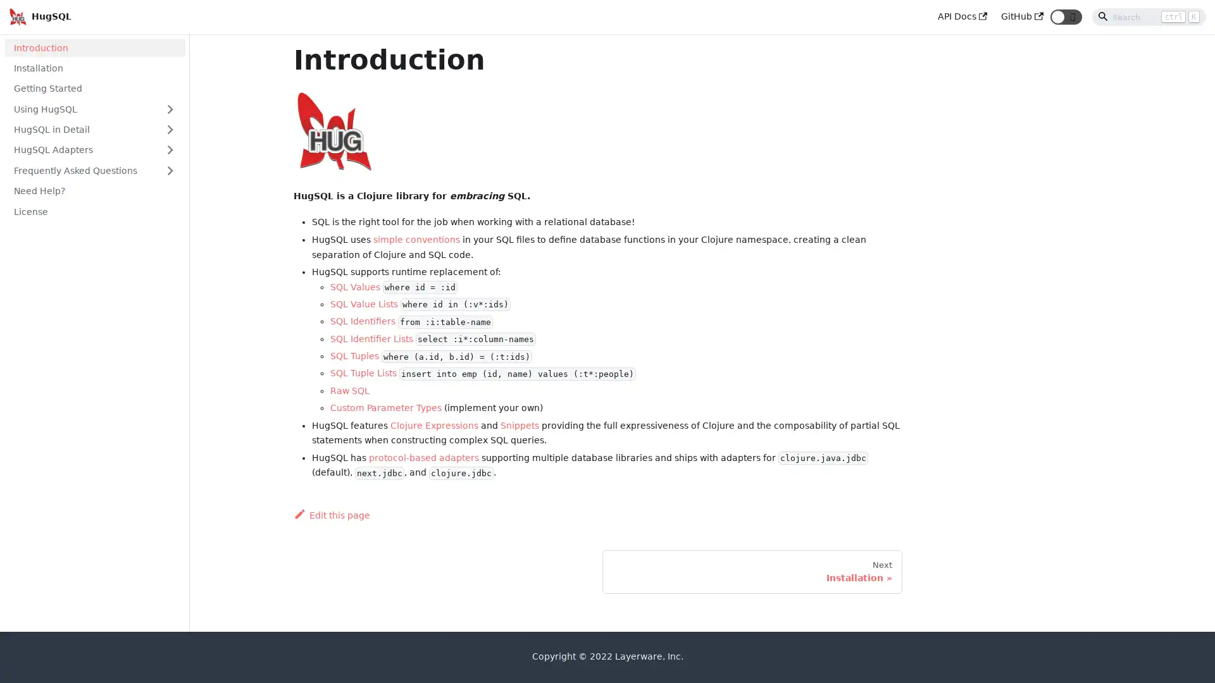  Describe the element at coordinates (169, 129) in the screenshot. I see `Toggle the collapsible sidebar category 'HugSQL in Detail'` at that location.